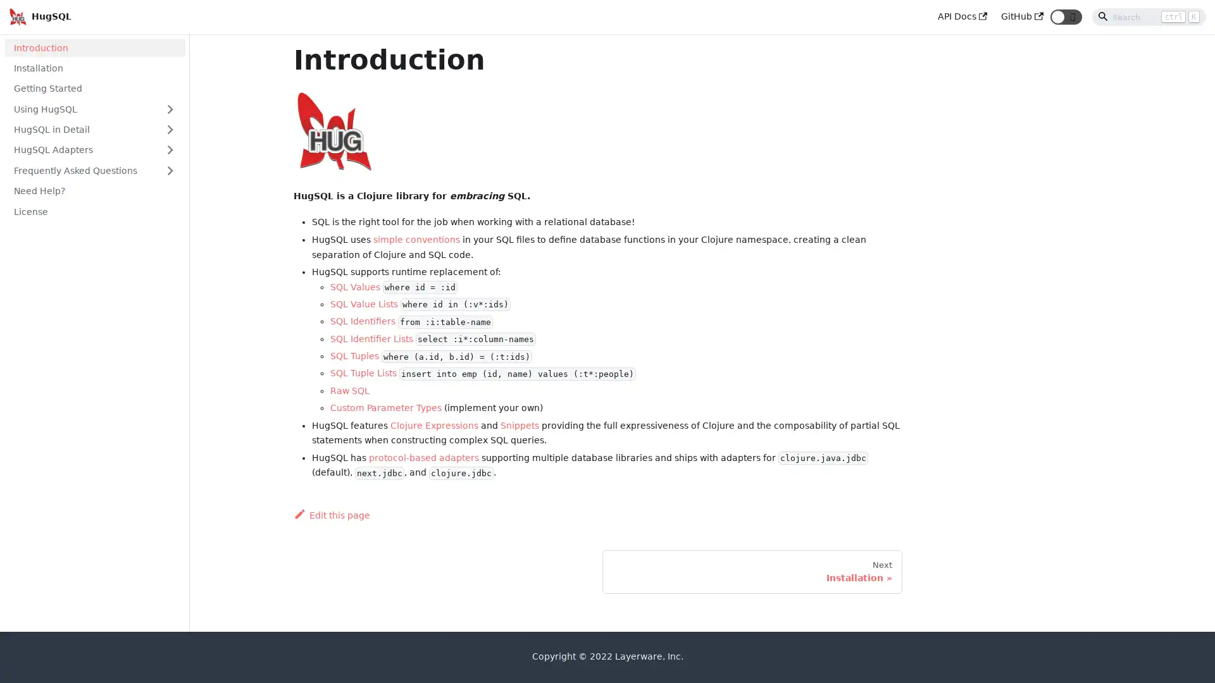  Describe the element at coordinates (169, 129) in the screenshot. I see `Toggle the collapsible sidebar category 'HugSQL in Detail'` at that location.